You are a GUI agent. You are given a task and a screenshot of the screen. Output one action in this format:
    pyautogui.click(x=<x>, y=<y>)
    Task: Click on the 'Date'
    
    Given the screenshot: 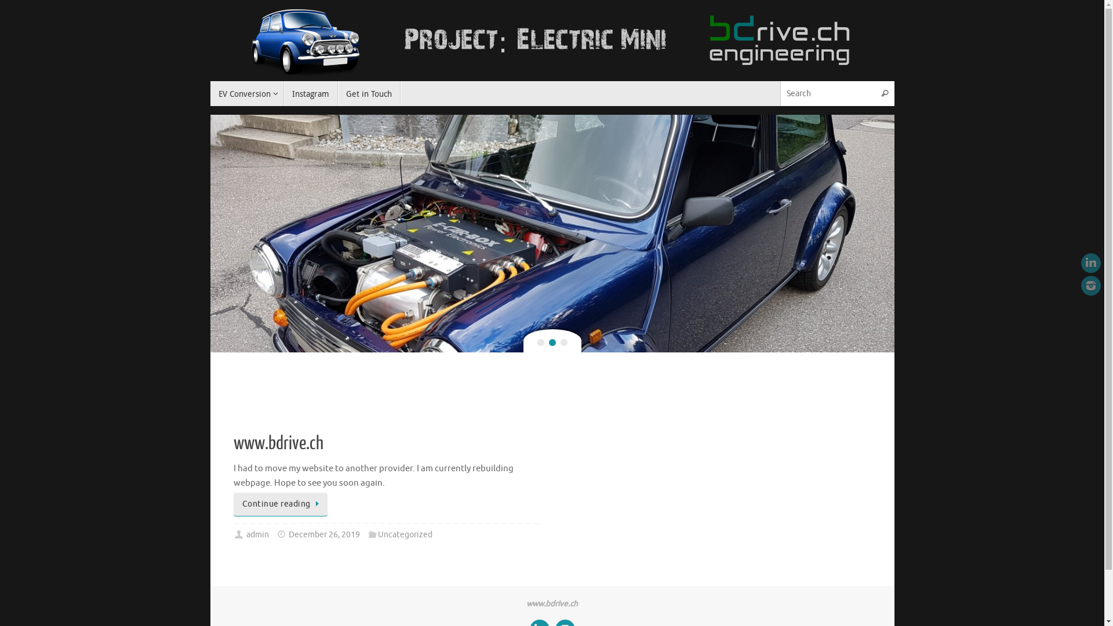 What is the action you would take?
    pyautogui.click(x=281, y=534)
    